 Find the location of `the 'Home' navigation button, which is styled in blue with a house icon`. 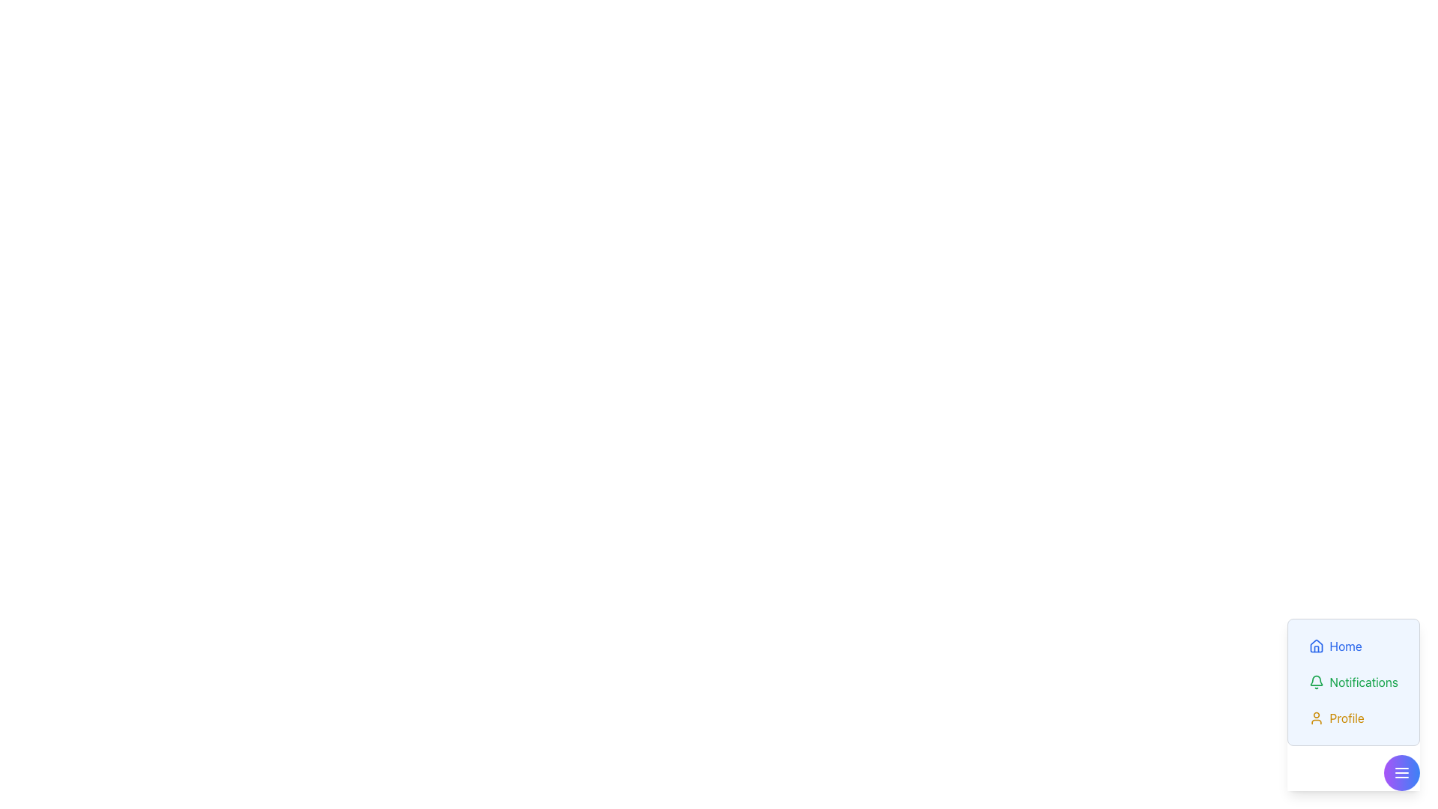

the 'Home' navigation button, which is styled in blue with a house icon is located at coordinates (1353, 646).